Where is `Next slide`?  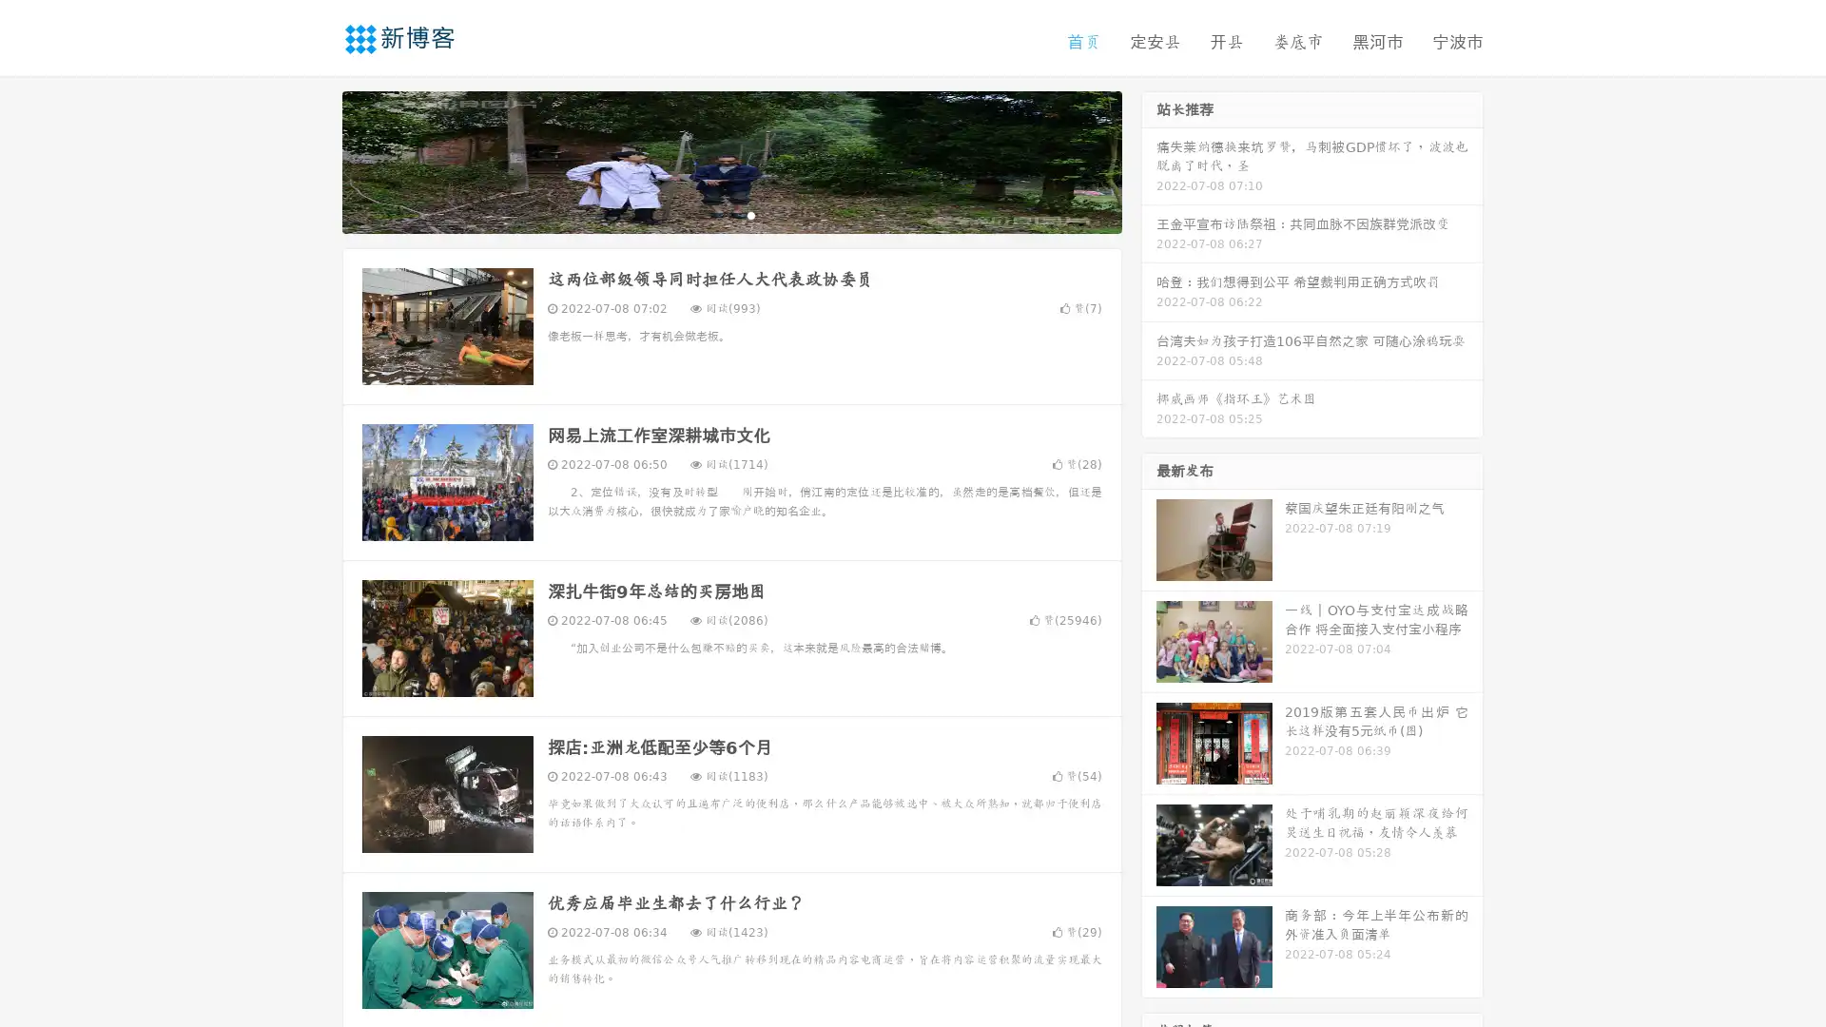 Next slide is located at coordinates (1149, 160).